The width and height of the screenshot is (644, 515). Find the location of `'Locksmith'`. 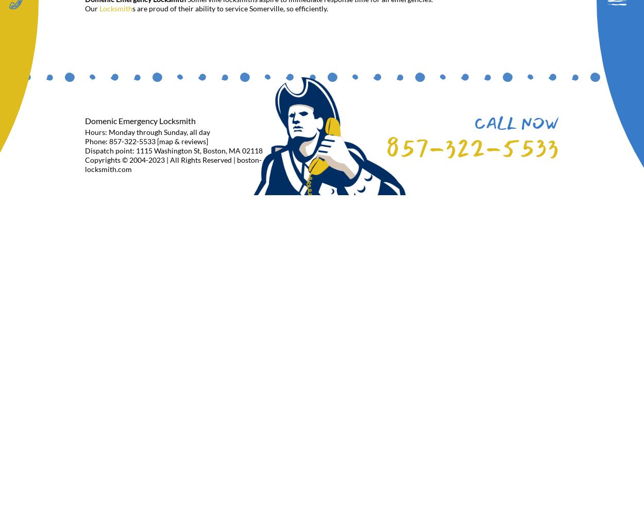

'Locksmith' is located at coordinates (115, 8).